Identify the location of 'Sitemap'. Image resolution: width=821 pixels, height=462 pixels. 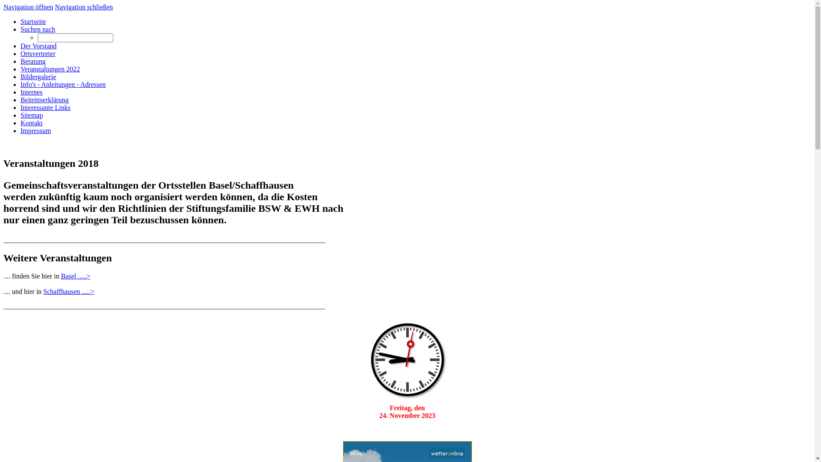
(31, 115).